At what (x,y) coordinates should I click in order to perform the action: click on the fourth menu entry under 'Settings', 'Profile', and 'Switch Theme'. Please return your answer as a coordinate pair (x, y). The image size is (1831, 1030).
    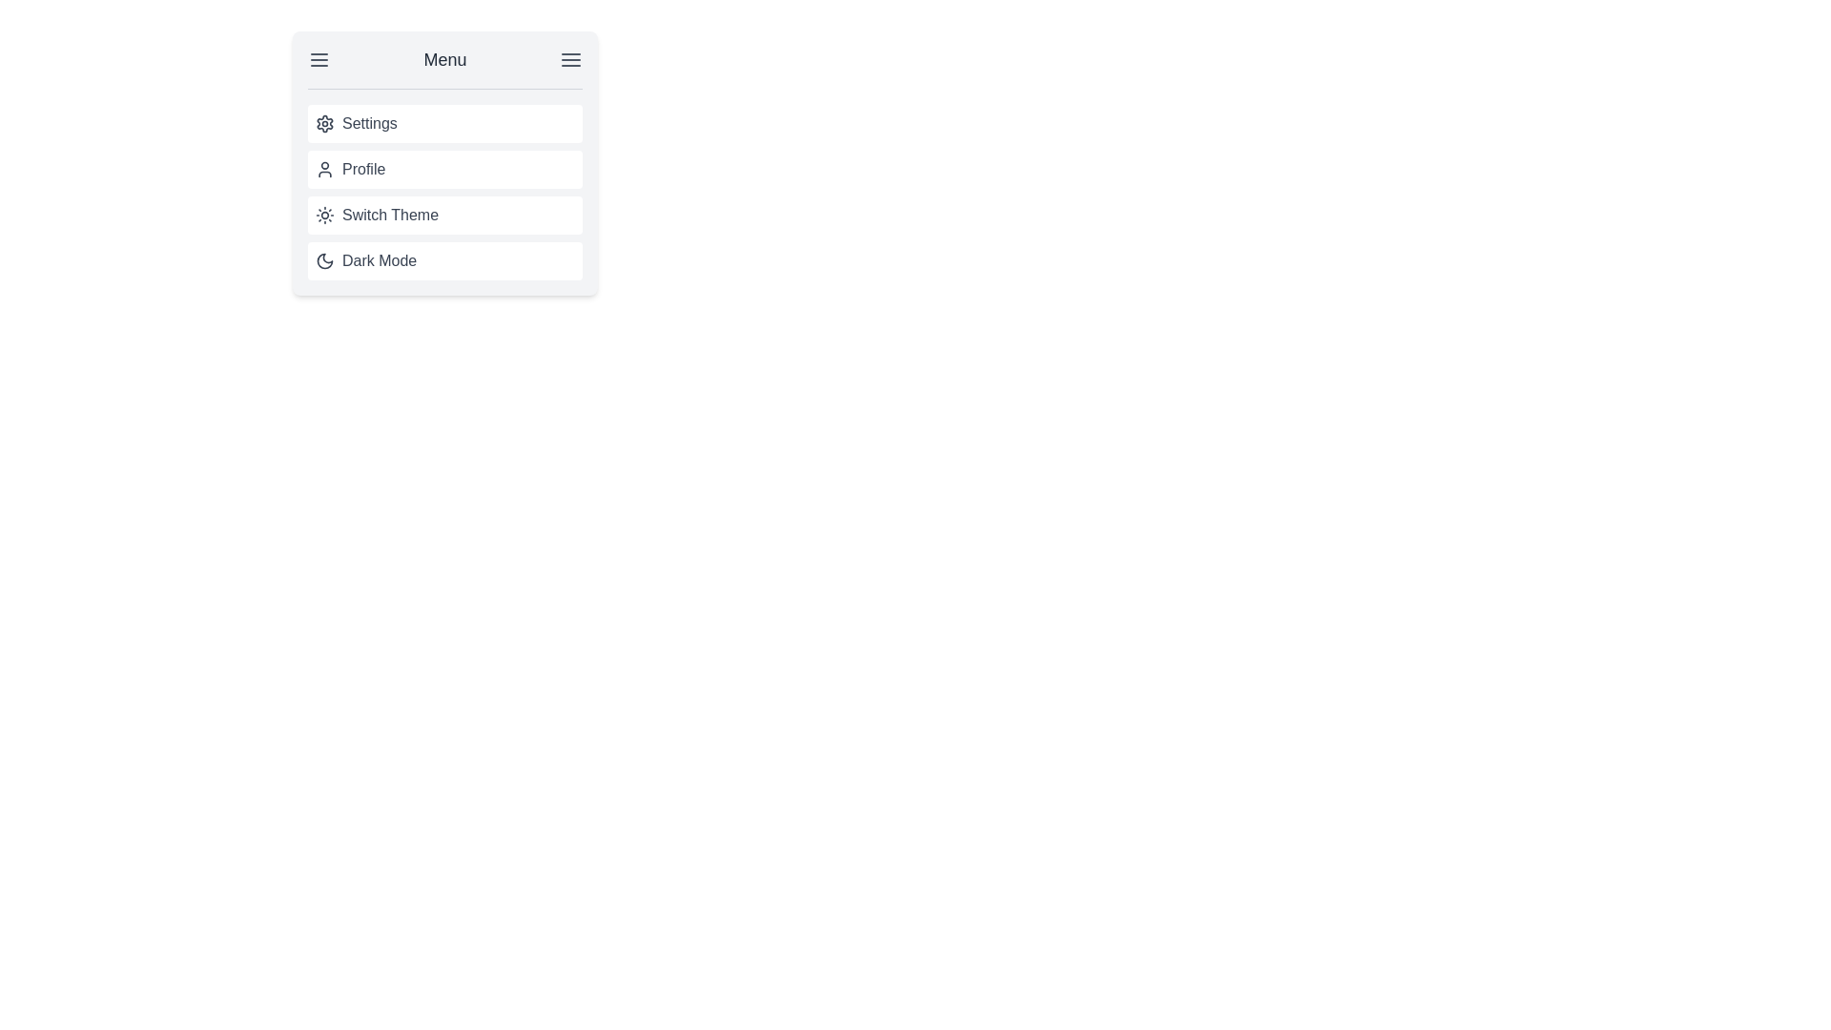
    Looking at the image, I should click on (443, 260).